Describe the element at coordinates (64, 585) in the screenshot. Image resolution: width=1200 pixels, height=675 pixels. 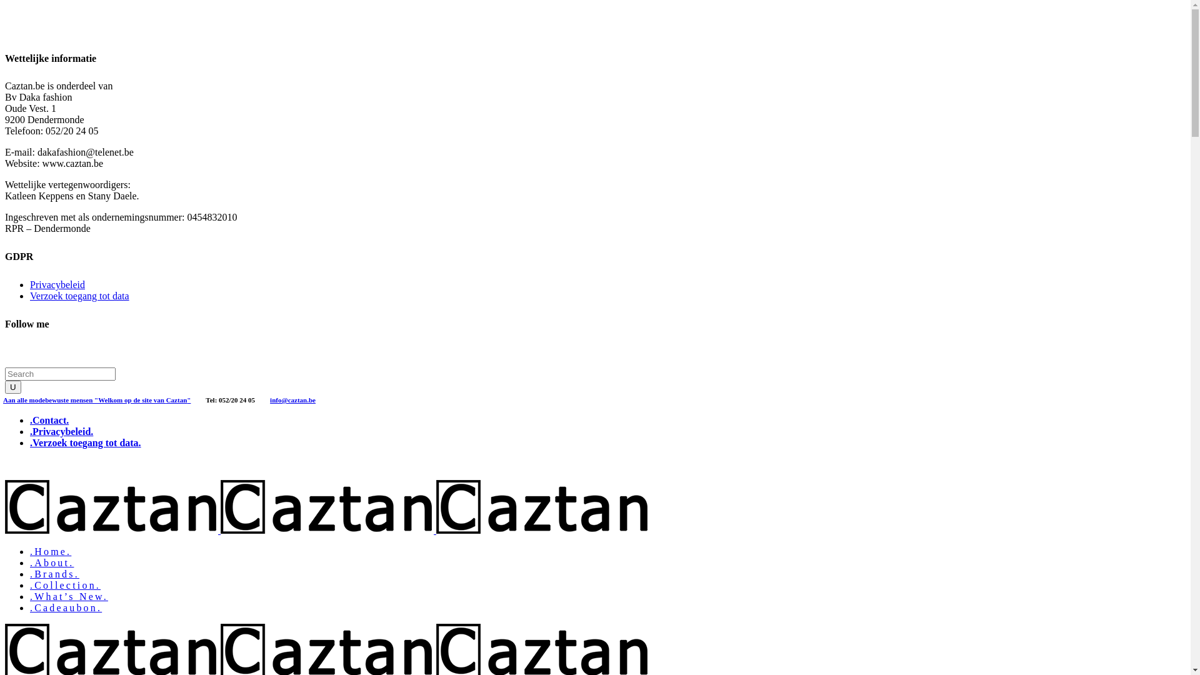
I see `'.Collection.'` at that location.